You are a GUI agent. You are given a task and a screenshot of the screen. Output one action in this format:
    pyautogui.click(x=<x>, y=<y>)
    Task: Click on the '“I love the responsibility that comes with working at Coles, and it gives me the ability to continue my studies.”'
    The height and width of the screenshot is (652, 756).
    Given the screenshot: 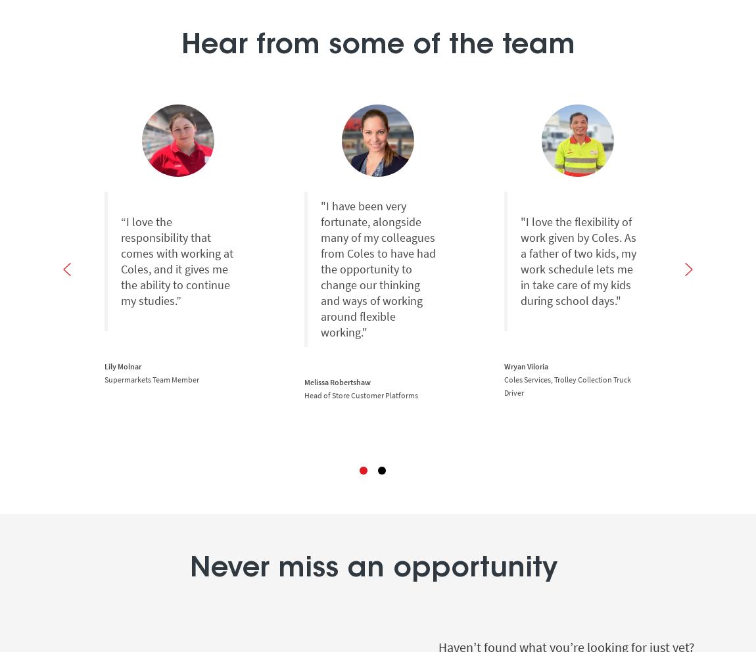 What is the action you would take?
    pyautogui.click(x=176, y=261)
    